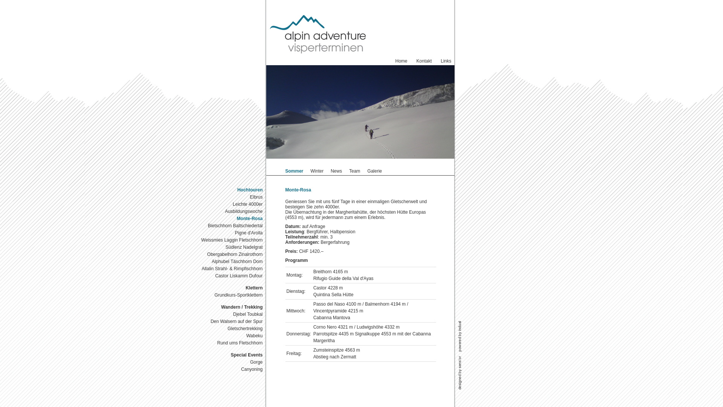 The image size is (723, 407). Describe the element at coordinates (336, 171) in the screenshot. I see `'News'` at that location.